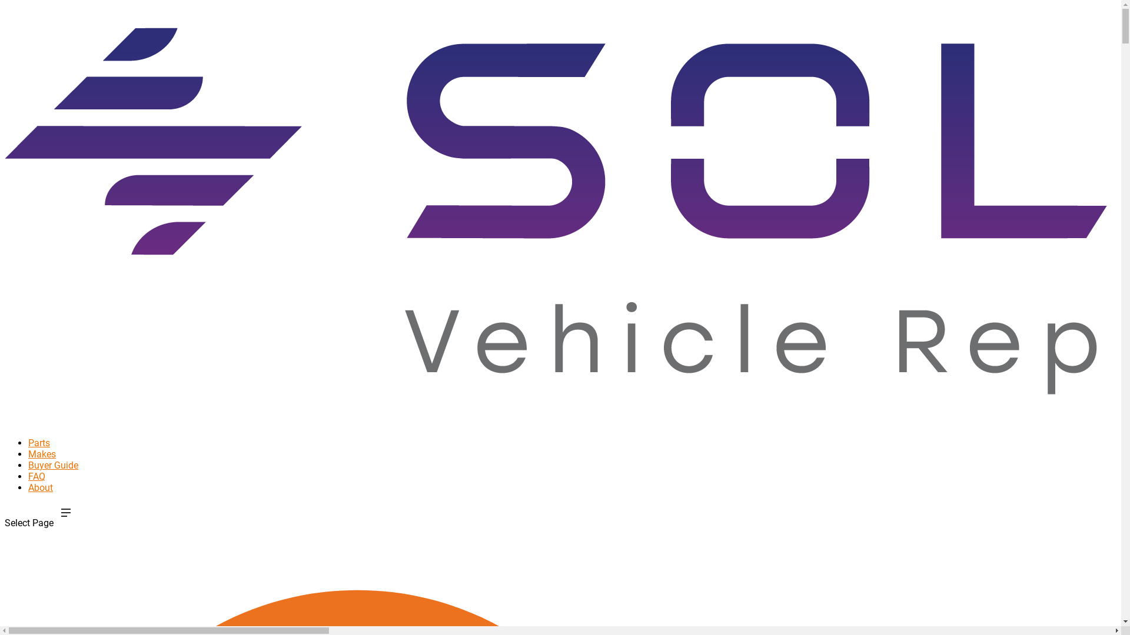 This screenshot has height=635, width=1130. I want to click on 'About', so click(28, 503).